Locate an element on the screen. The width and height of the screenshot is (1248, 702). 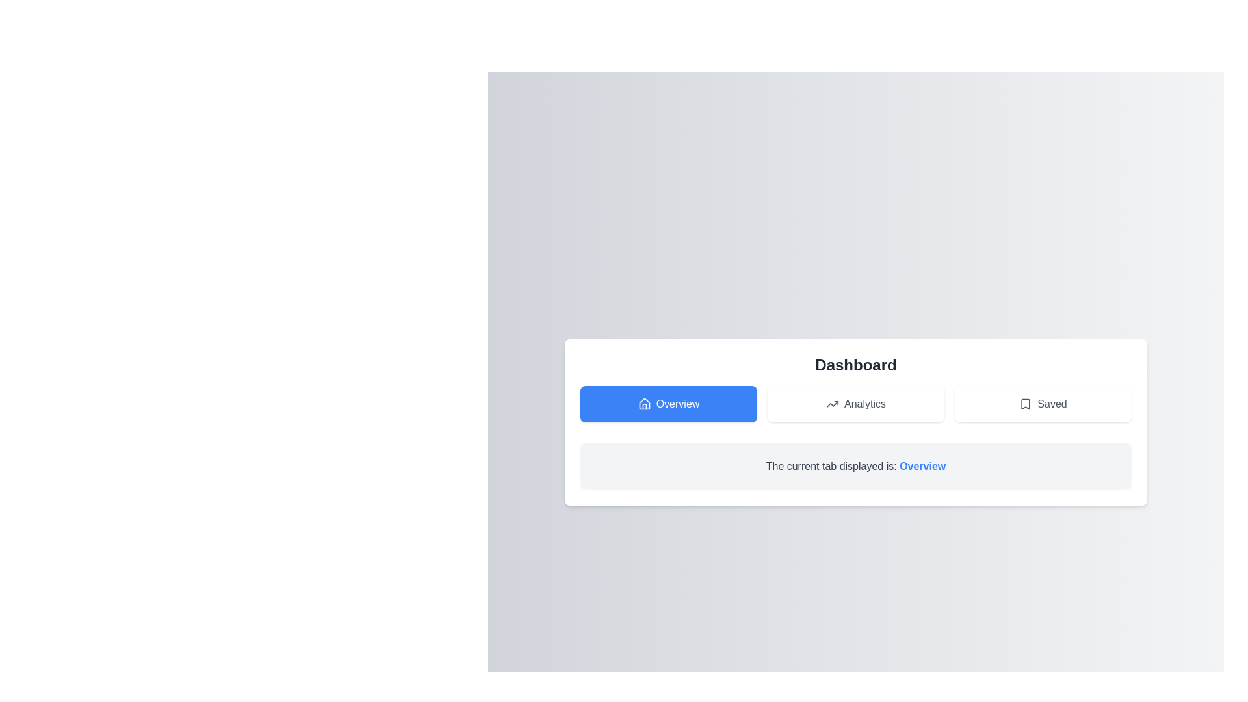
the small bookmark icon located in the top-right section of the dashboard interface, adjacent to the 'Saved' text is located at coordinates (1025, 403).